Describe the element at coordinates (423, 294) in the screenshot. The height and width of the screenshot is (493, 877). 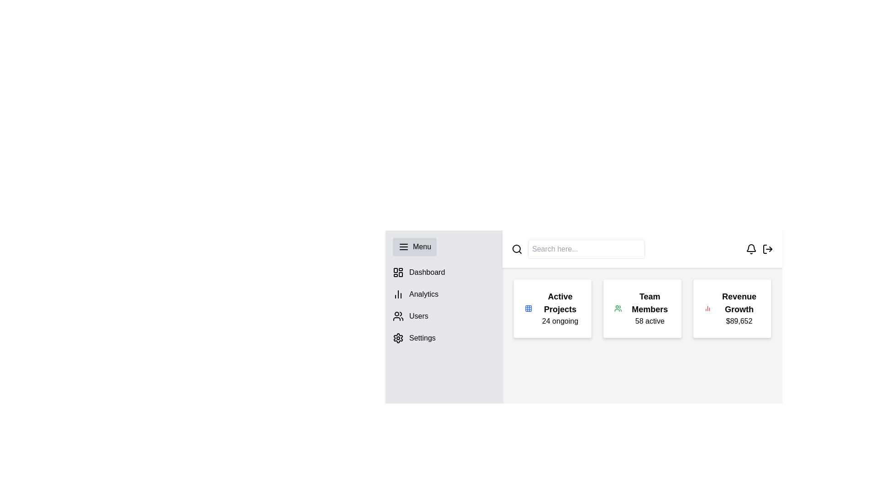
I see `the 'Analytics' navigation label in the sidebar` at that location.